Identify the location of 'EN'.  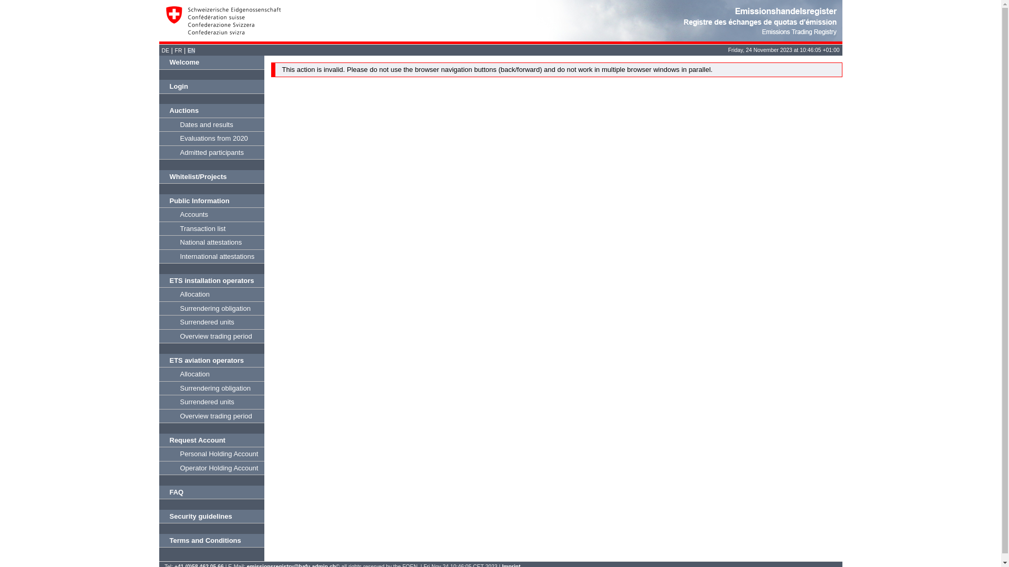
(191, 50).